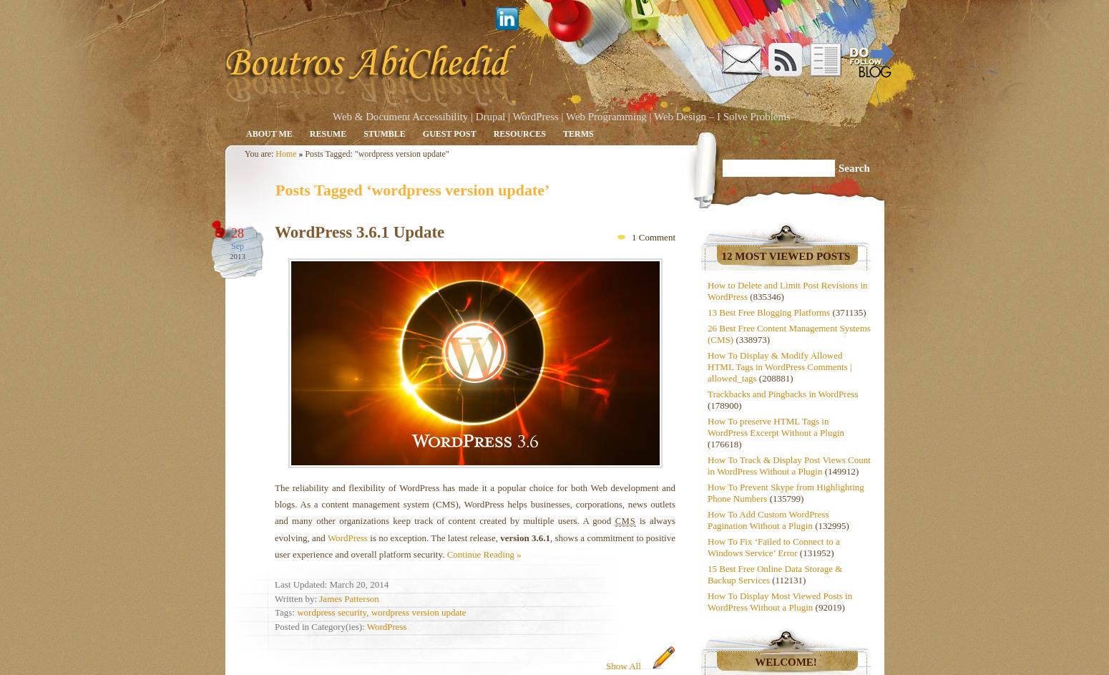  What do you see at coordinates (368, 612) in the screenshot?
I see `','` at bounding box center [368, 612].